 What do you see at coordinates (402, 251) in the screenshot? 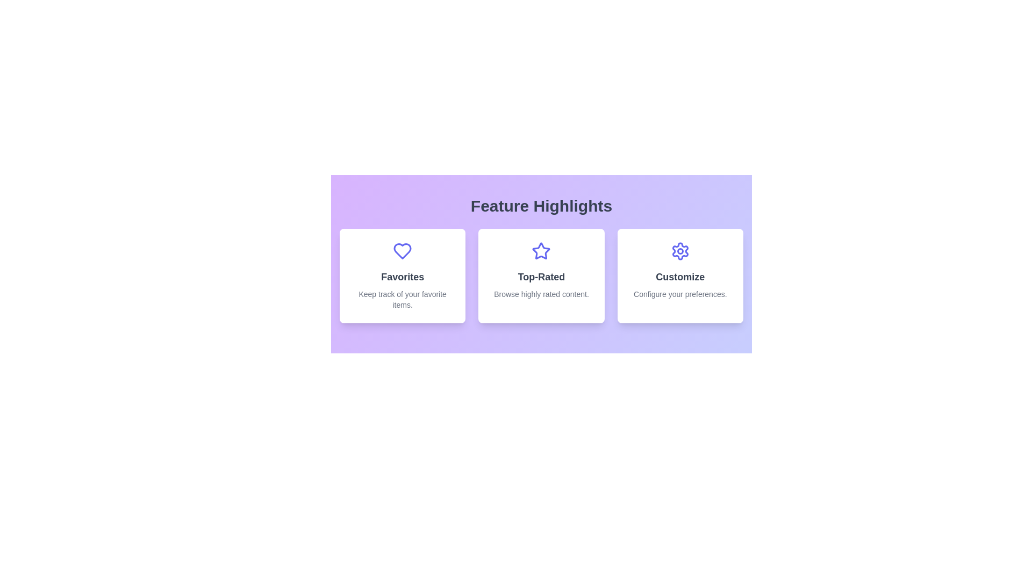
I see `the heart outline icon with a blue stroke color, which is centered above the 'Favorites' text within the leftmost card of a three-card layout` at bounding box center [402, 251].